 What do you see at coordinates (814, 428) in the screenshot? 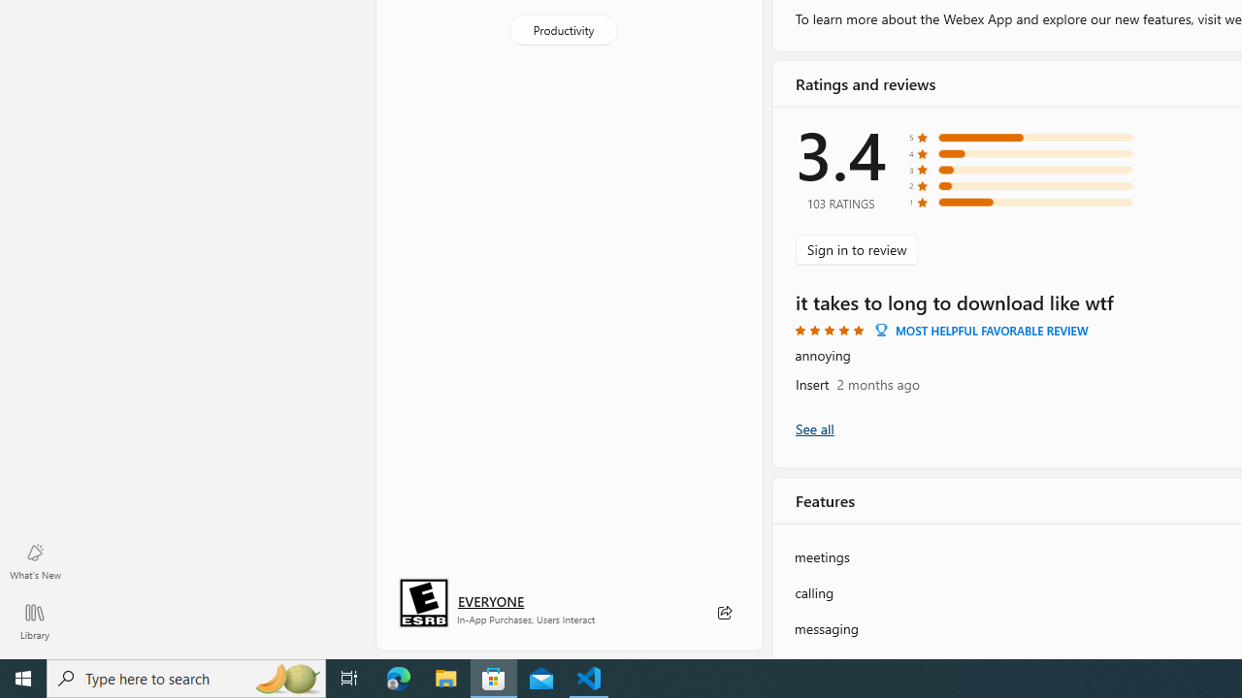
I see `'Show all ratings and reviews'` at bounding box center [814, 428].